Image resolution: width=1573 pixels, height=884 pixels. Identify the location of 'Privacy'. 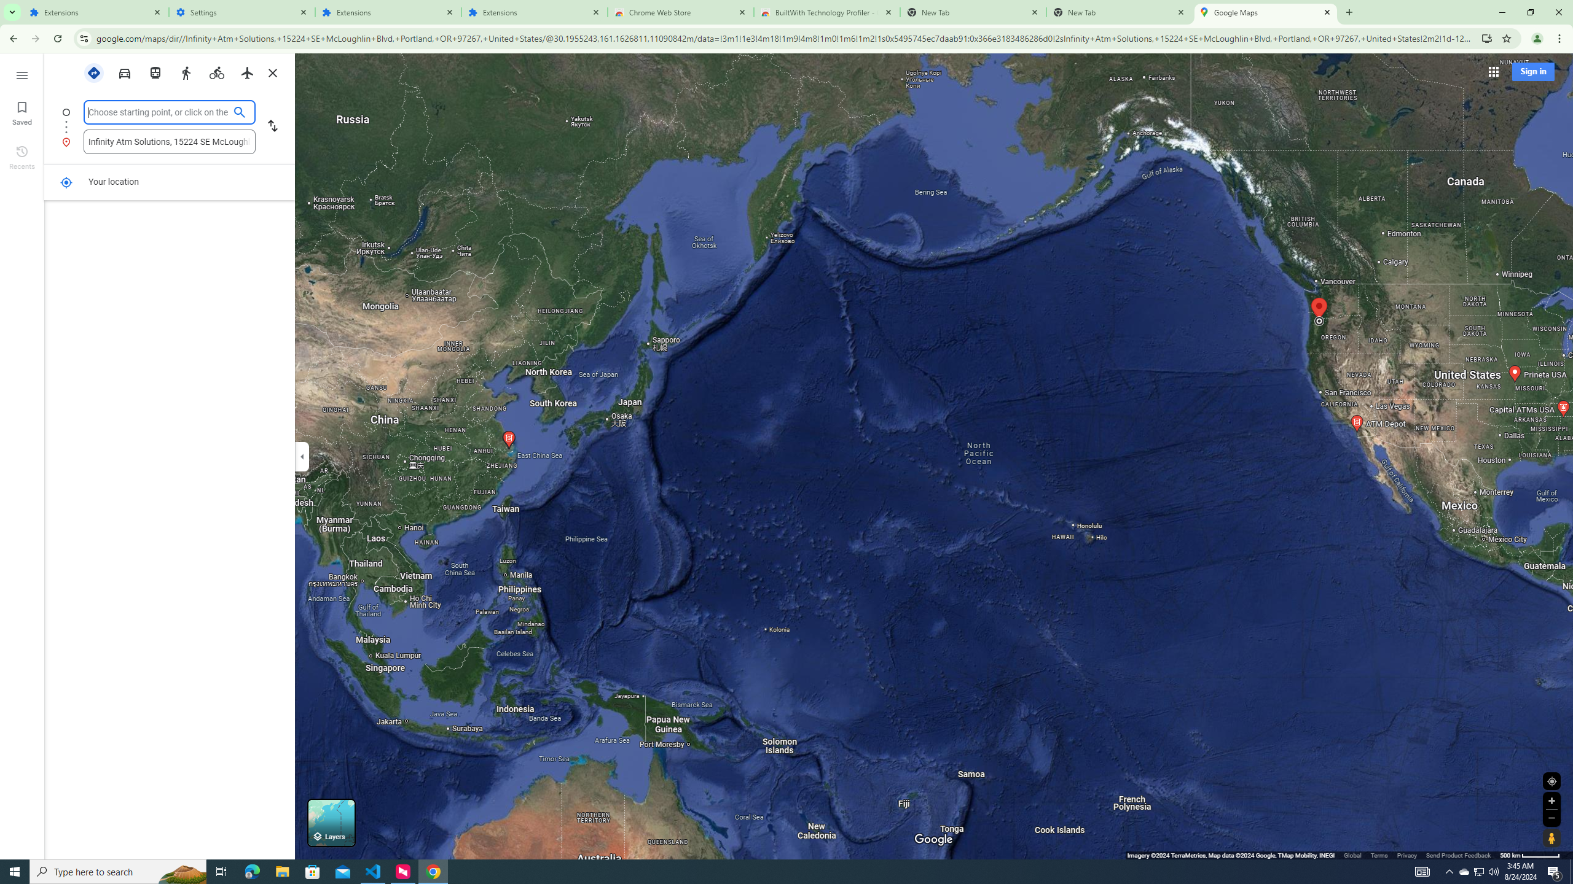
(1406, 855).